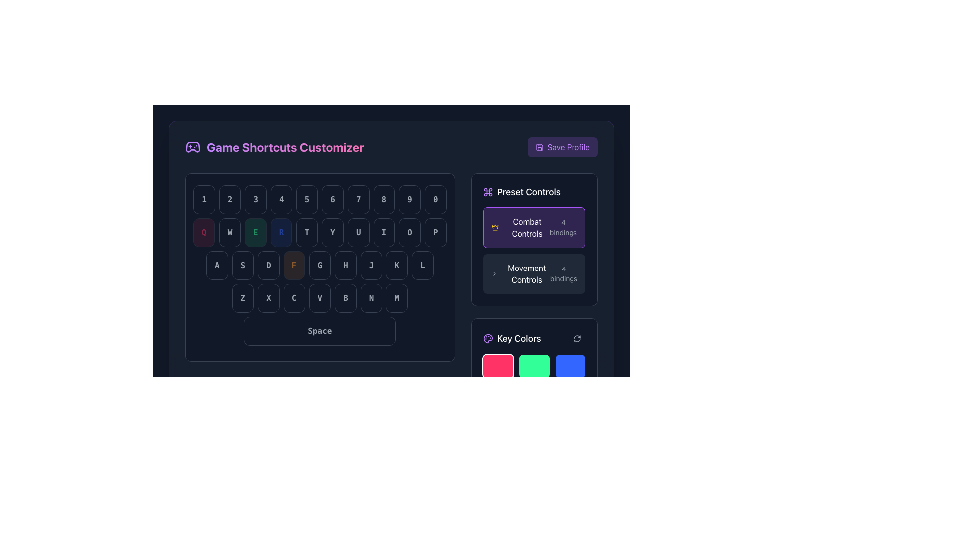 This screenshot has height=537, width=955. Describe the element at coordinates (396, 298) in the screenshot. I see `the 'M' key, which is a rectangular button with a dark background and light gray text, located in the bottom row of the keyboard layout` at that location.